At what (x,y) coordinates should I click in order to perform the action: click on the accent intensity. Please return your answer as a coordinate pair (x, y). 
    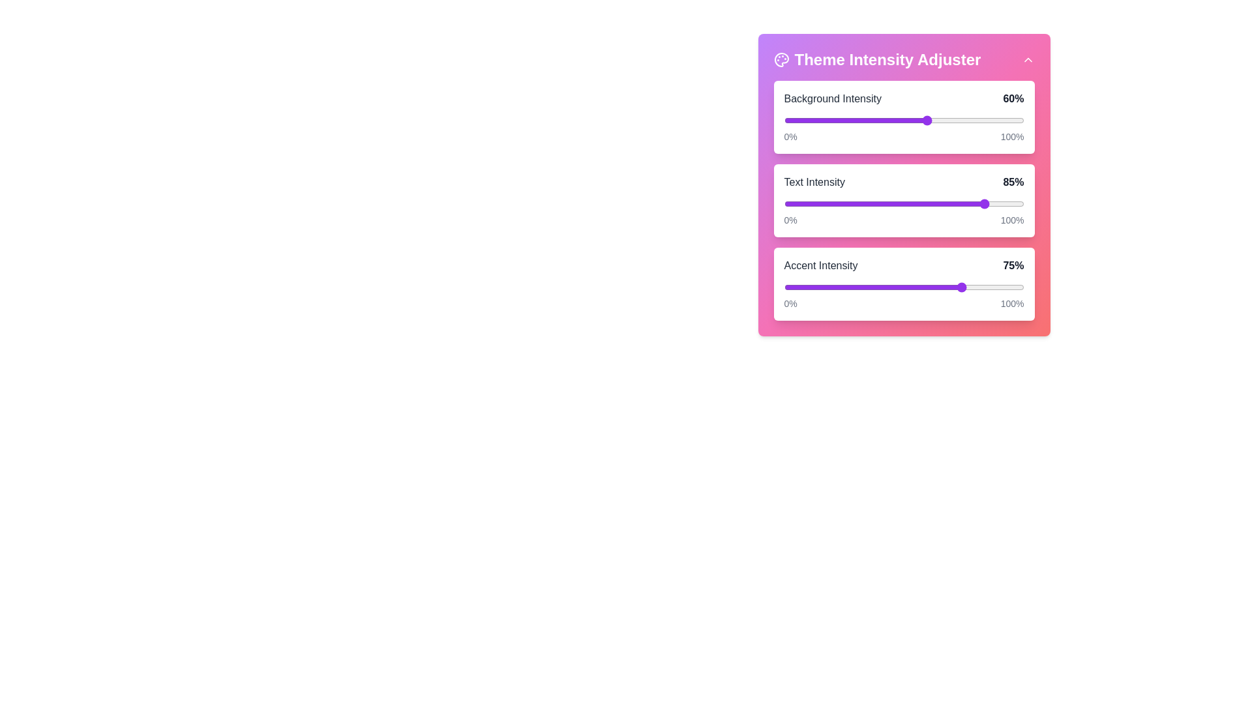
    Looking at the image, I should click on (822, 286).